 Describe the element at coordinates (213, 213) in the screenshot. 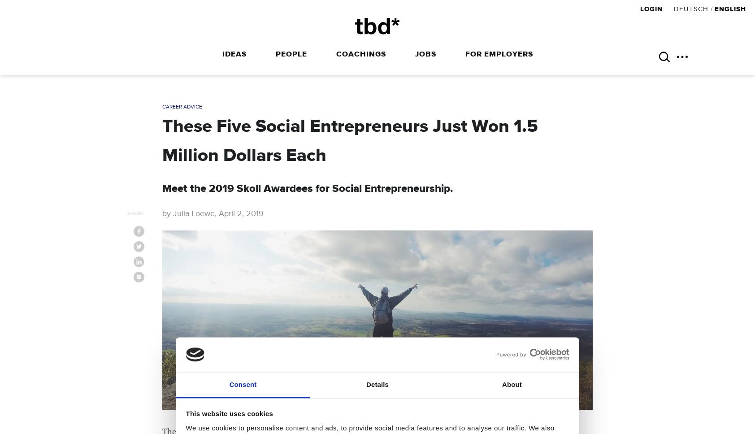

I see `'by Julia Loewe, April 2, 2019'` at that location.